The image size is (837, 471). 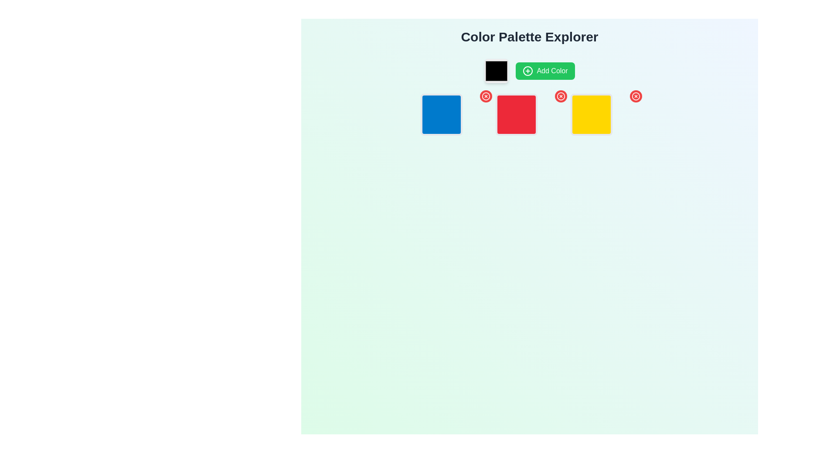 I want to click on the yellow square Color Box with rounded corners, so click(x=592, y=114).